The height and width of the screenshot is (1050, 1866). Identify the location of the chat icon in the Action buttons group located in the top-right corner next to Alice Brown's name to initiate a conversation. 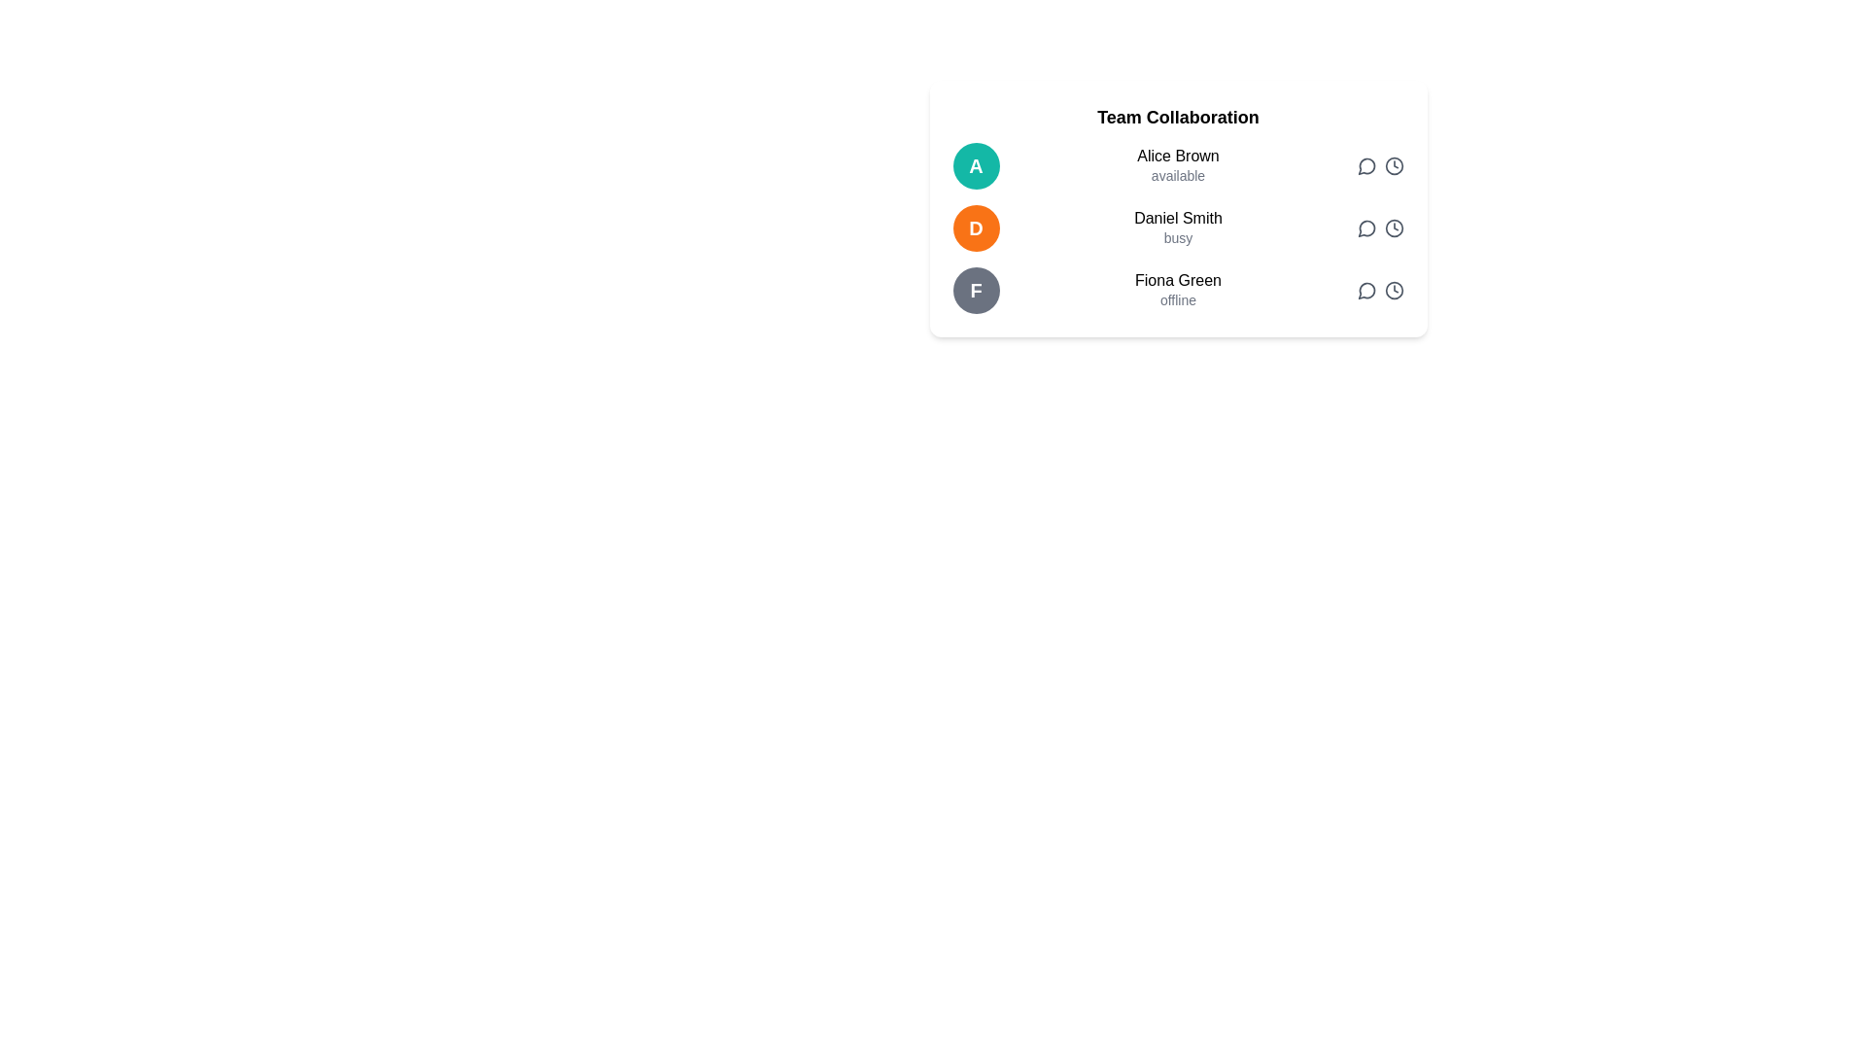
(1379, 164).